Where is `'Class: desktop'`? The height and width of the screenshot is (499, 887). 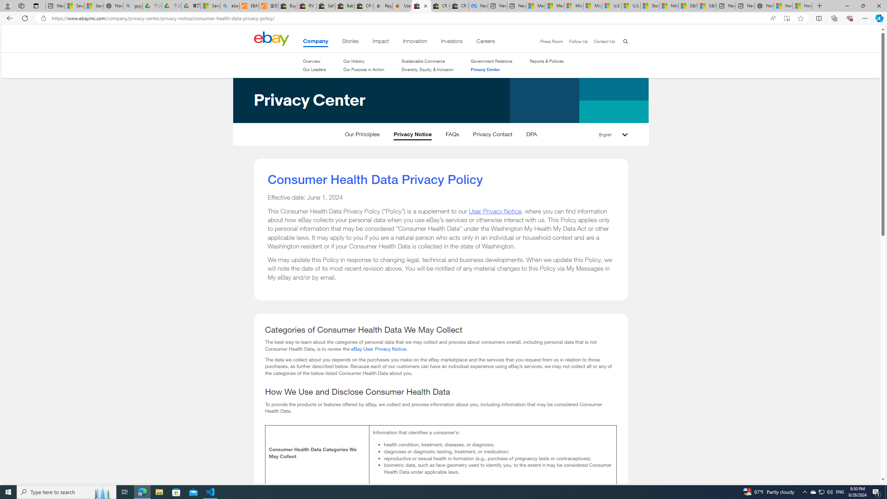 'Class: desktop' is located at coordinates (271, 38).